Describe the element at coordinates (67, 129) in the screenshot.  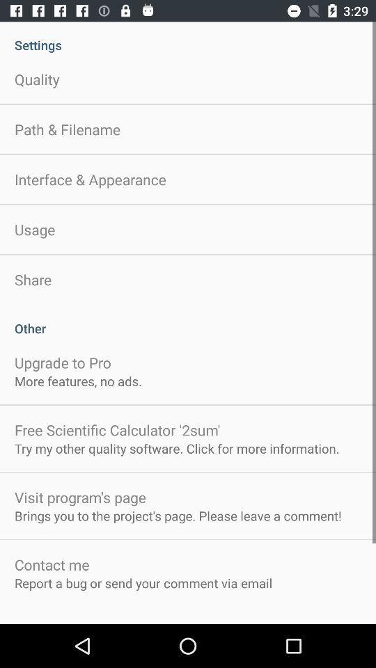
I see `the icon above interface & appearance item` at that location.